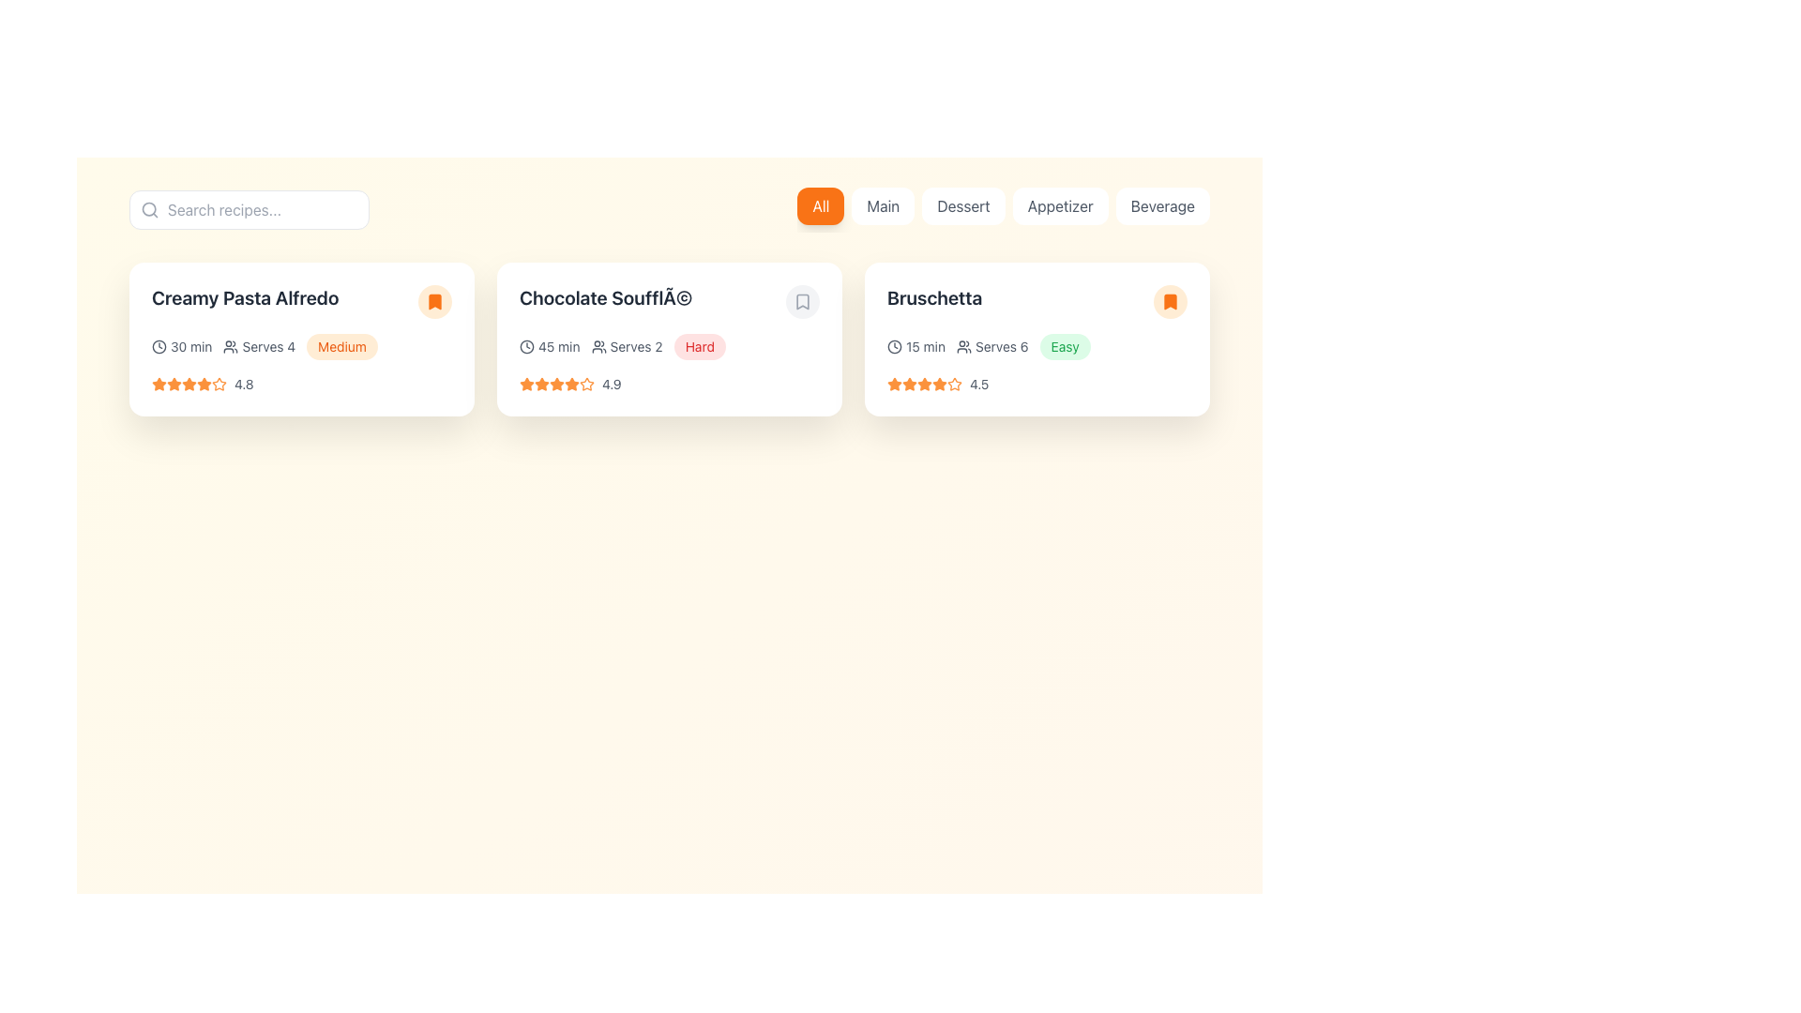 This screenshot has width=1801, height=1013. I want to click on the third orange star in the rating sequence for the 'Chocolate Soufflé' card, so click(556, 383).